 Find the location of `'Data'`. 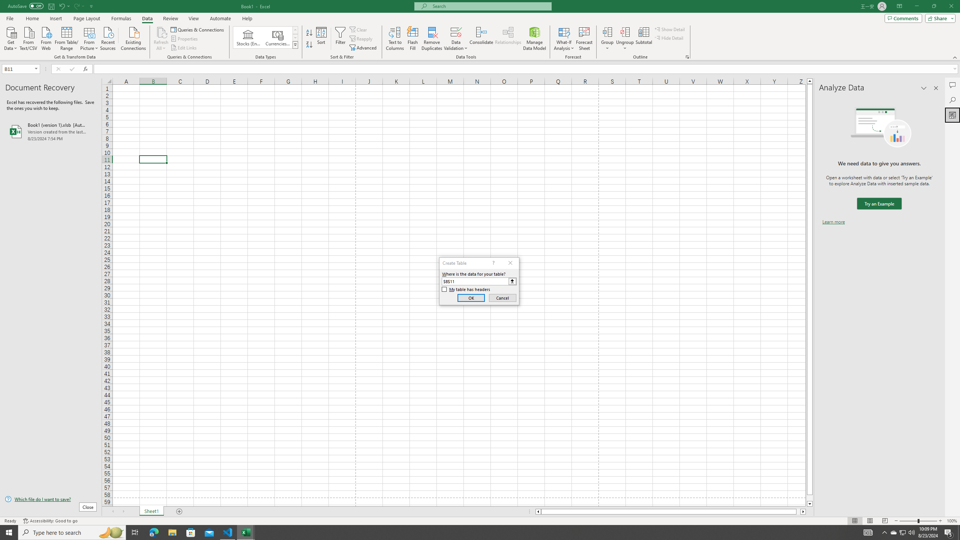

'Data' is located at coordinates (147, 18).